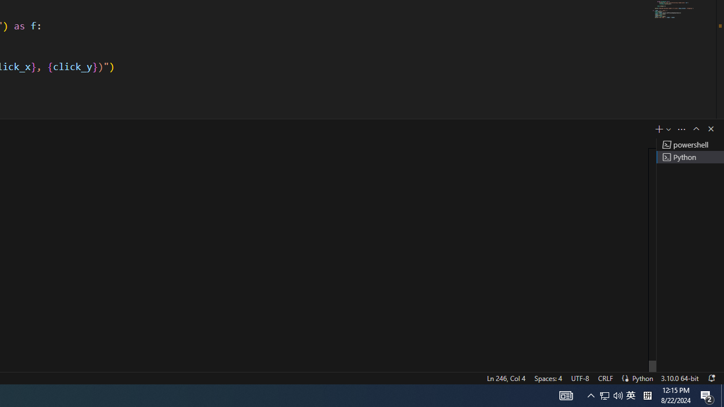  I want to click on 'CRLF', so click(605, 378).